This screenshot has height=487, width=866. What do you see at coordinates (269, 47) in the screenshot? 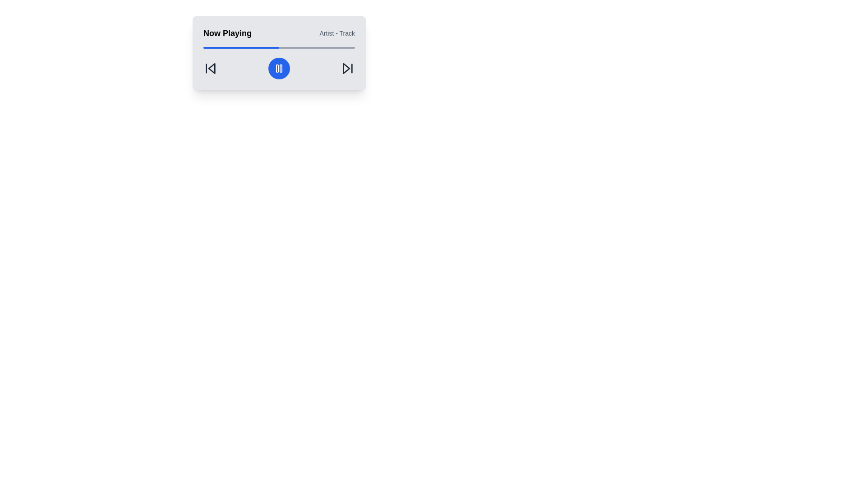
I see `the progress of the bar` at bounding box center [269, 47].